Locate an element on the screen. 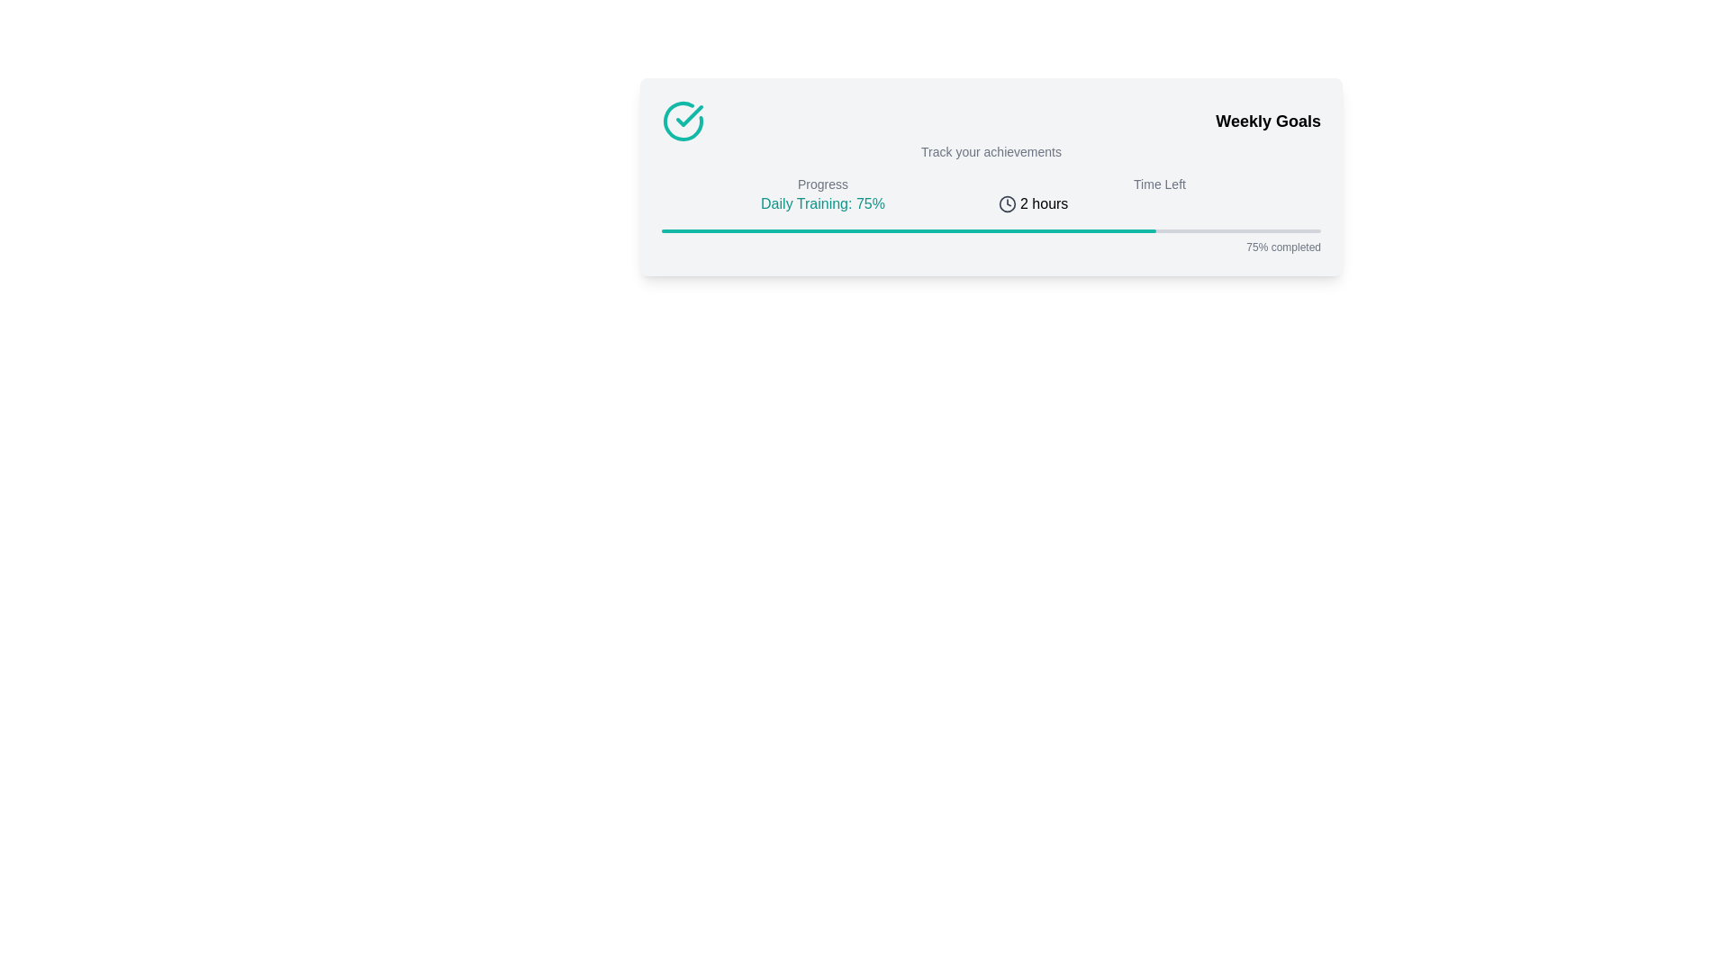 The width and height of the screenshot is (1729, 972). the text label displaying 'Track your achievements', which is styled in gray and is positioned below the 'Weekly Goals' header is located at coordinates (990, 151).